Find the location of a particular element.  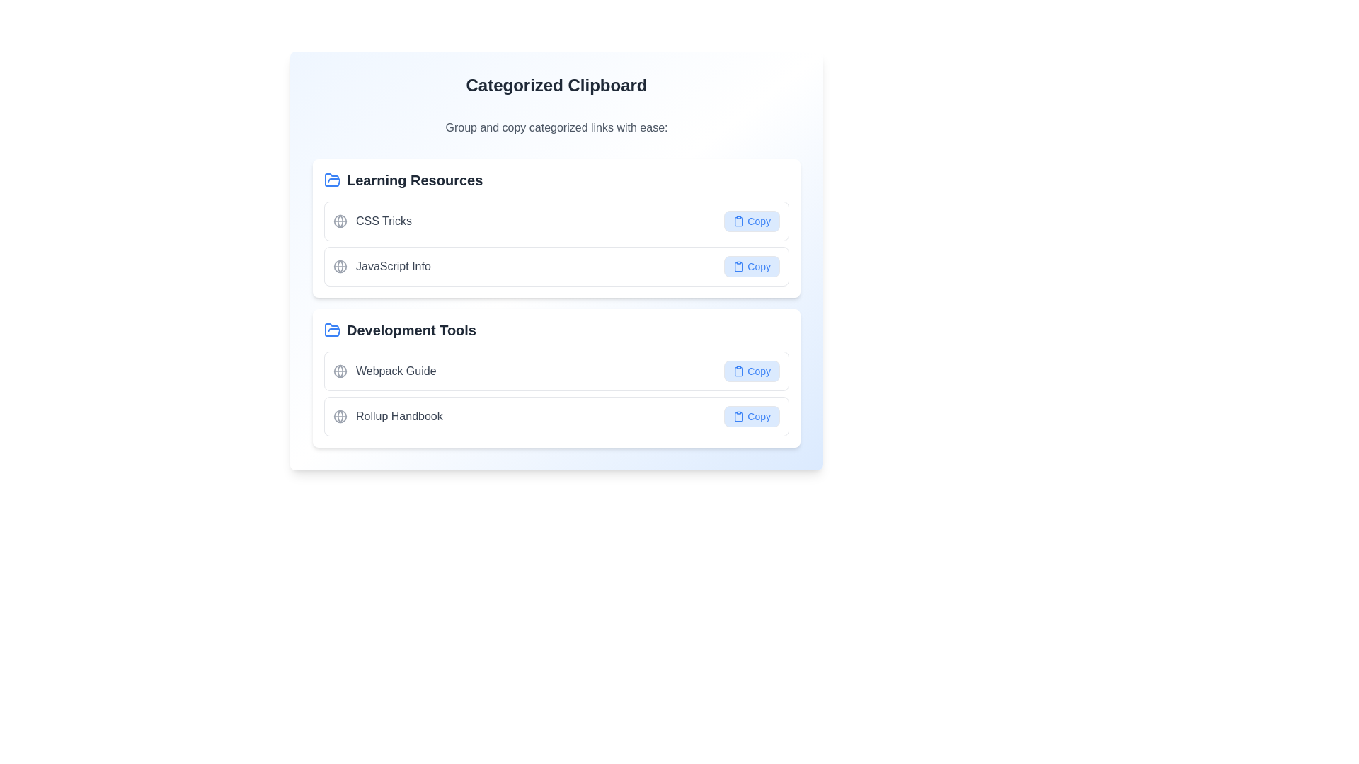

the circular SVG graphic component that is part of the globe icon located to the left of the 'Webpack Guide' text label in the 'Development Tools' section is located at coordinates (340, 416).